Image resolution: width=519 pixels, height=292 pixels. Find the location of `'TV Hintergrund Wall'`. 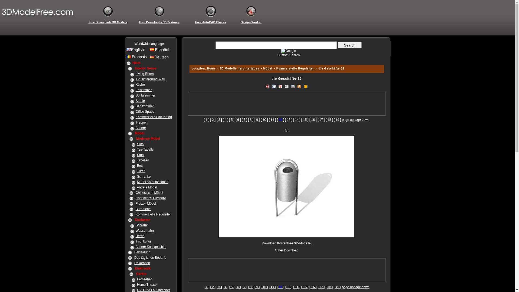

'TV Hintergrund Wall' is located at coordinates (150, 79).